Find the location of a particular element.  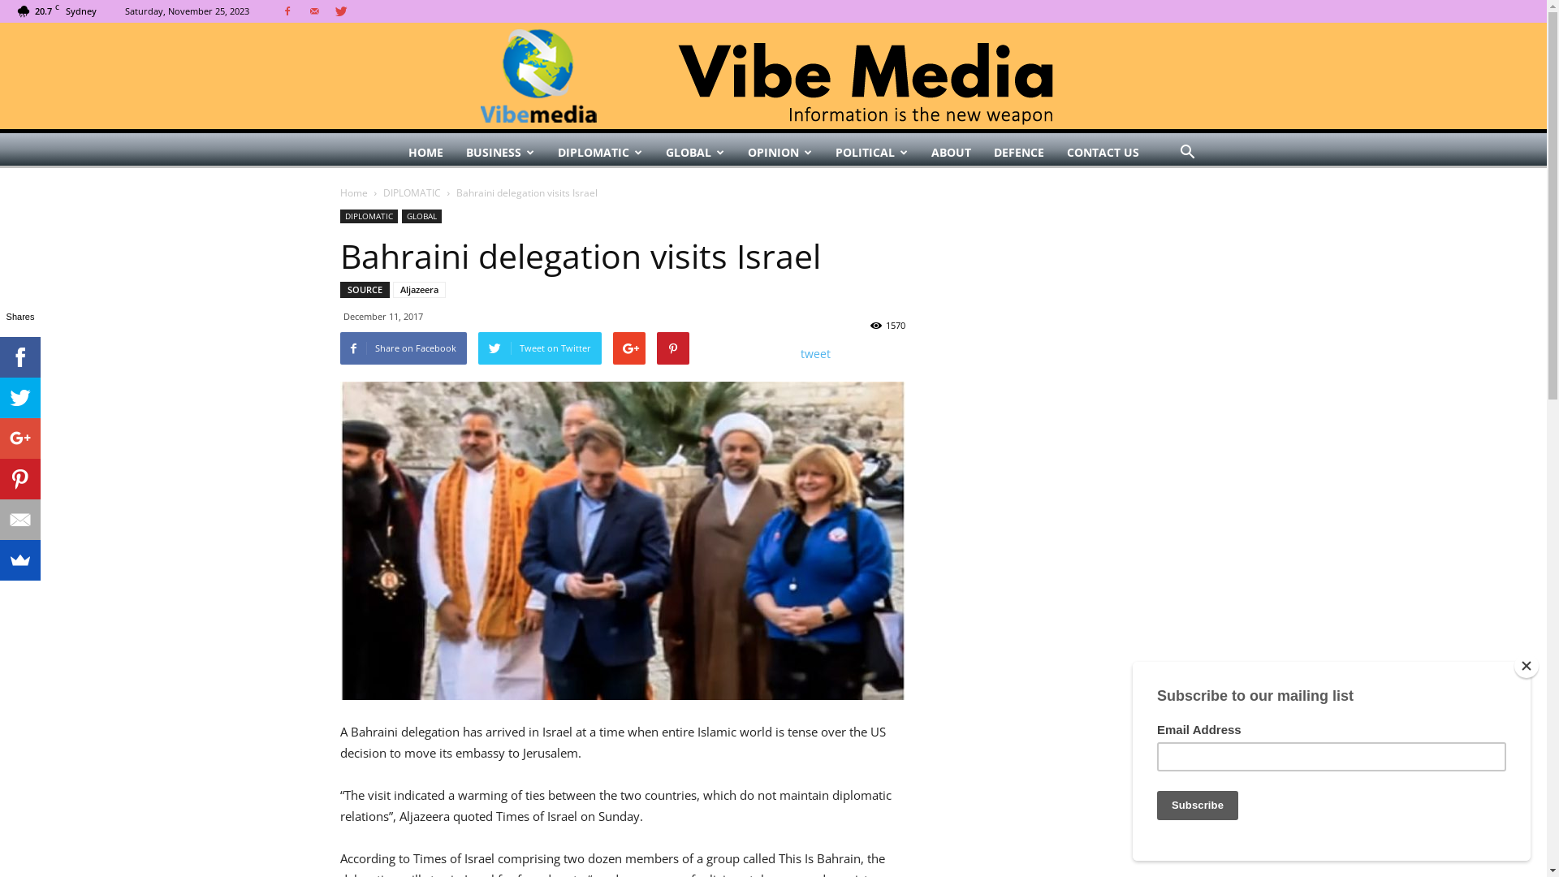

'DEFENCE' is located at coordinates (1017, 153).